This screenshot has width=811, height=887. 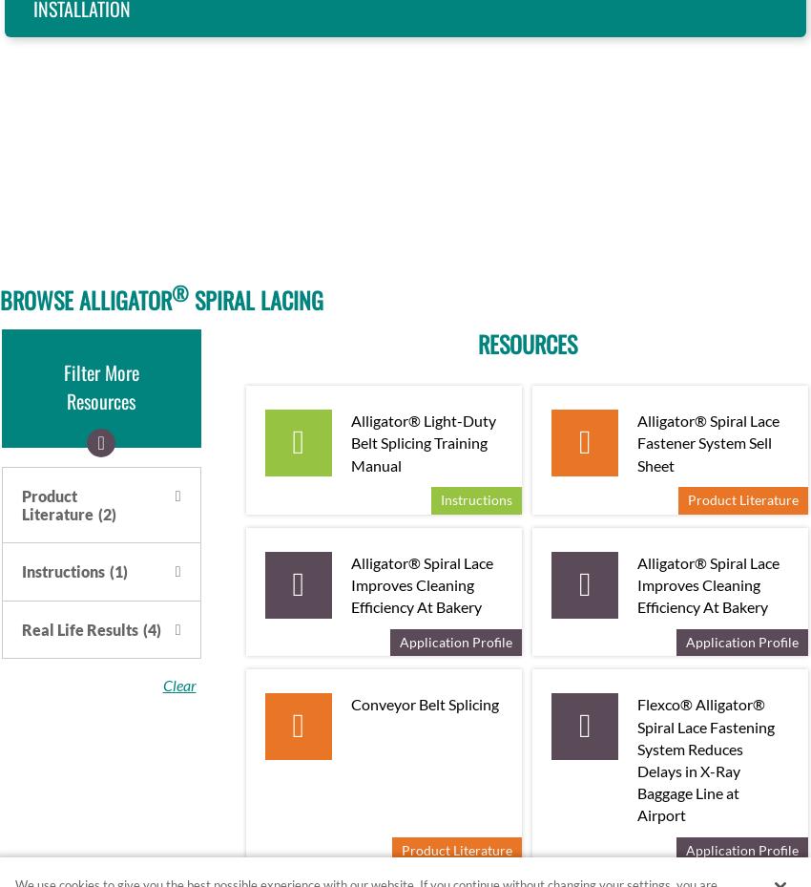 I want to click on 'Belts from 0.063” to 0.188” (1.6 mm to 4.6 mm) thick', so click(x=208, y=126).